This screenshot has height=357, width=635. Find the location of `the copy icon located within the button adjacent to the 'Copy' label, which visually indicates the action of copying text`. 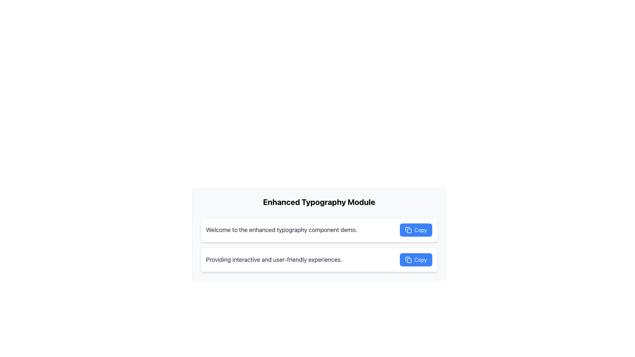

the copy icon located within the button adjacent to the 'Copy' label, which visually indicates the action of copying text is located at coordinates (408, 229).